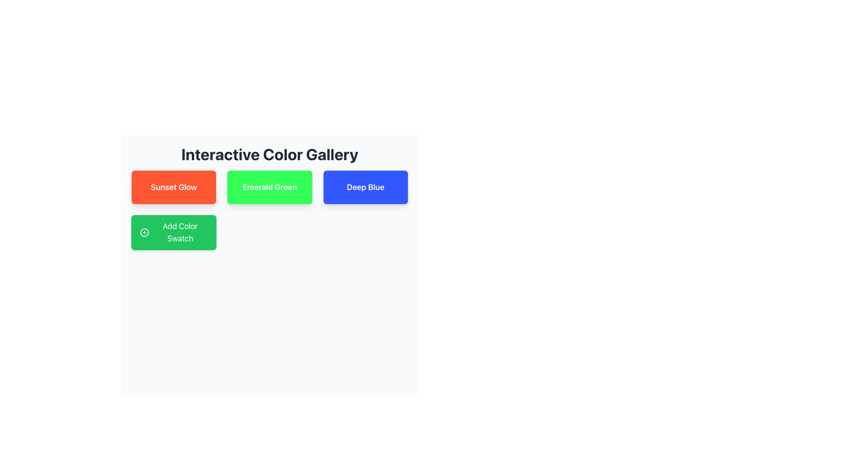  I want to click on the 'Add Color Swatch' button, which contains the icon for adding an item, located at the bottom left of the three buttons displayed in a grid-like arrangement, so click(144, 232).